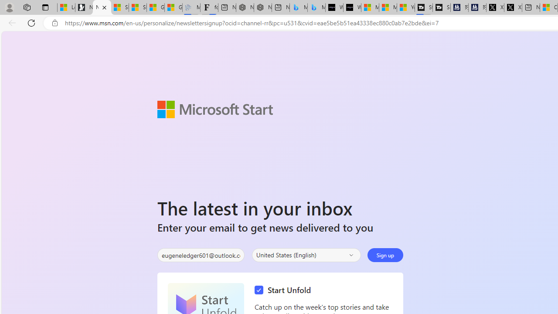 Image resolution: width=558 pixels, height=314 pixels. I want to click on 'Enter your email', so click(200, 255).